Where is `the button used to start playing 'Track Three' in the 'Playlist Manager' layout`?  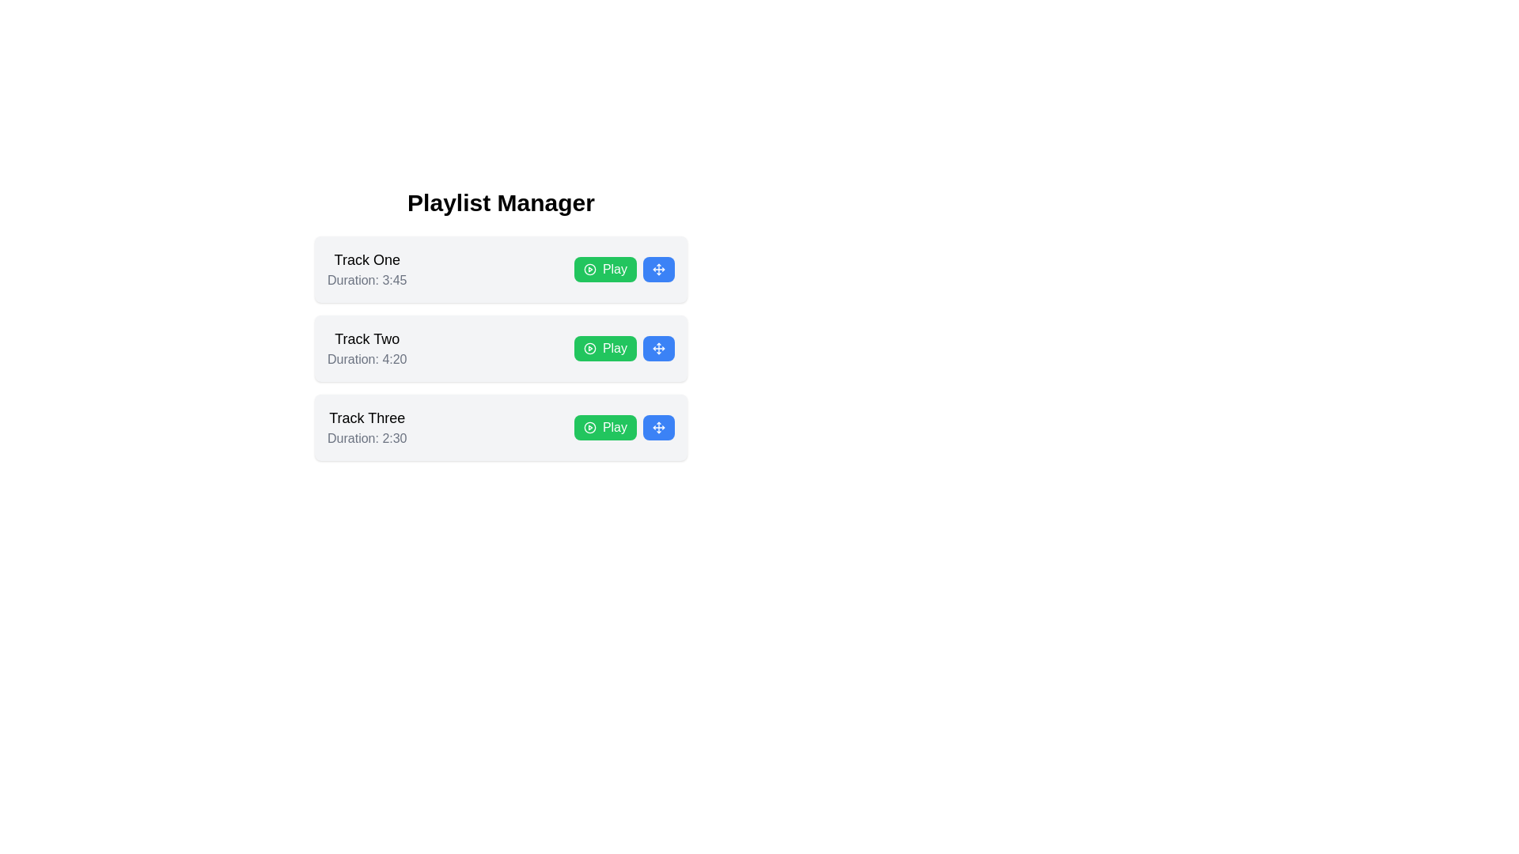
the button used to start playing 'Track Three' in the 'Playlist Manager' layout is located at coordinates (604, 427).